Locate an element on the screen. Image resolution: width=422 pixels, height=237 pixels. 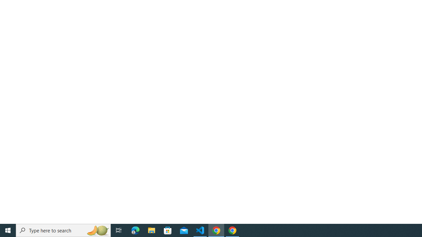
'Search highlights icon opens search home window' is located at coordinates (97, 230).